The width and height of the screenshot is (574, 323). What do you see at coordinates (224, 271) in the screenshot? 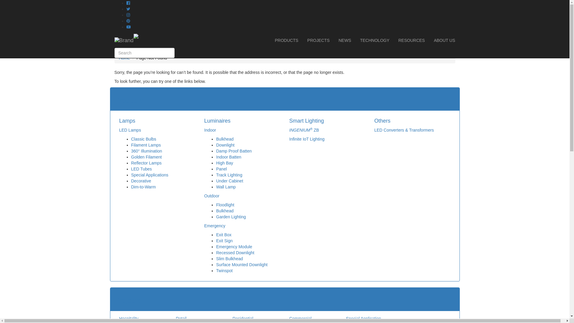
I see `'Twinspot'` at bounding box center [224, 271].